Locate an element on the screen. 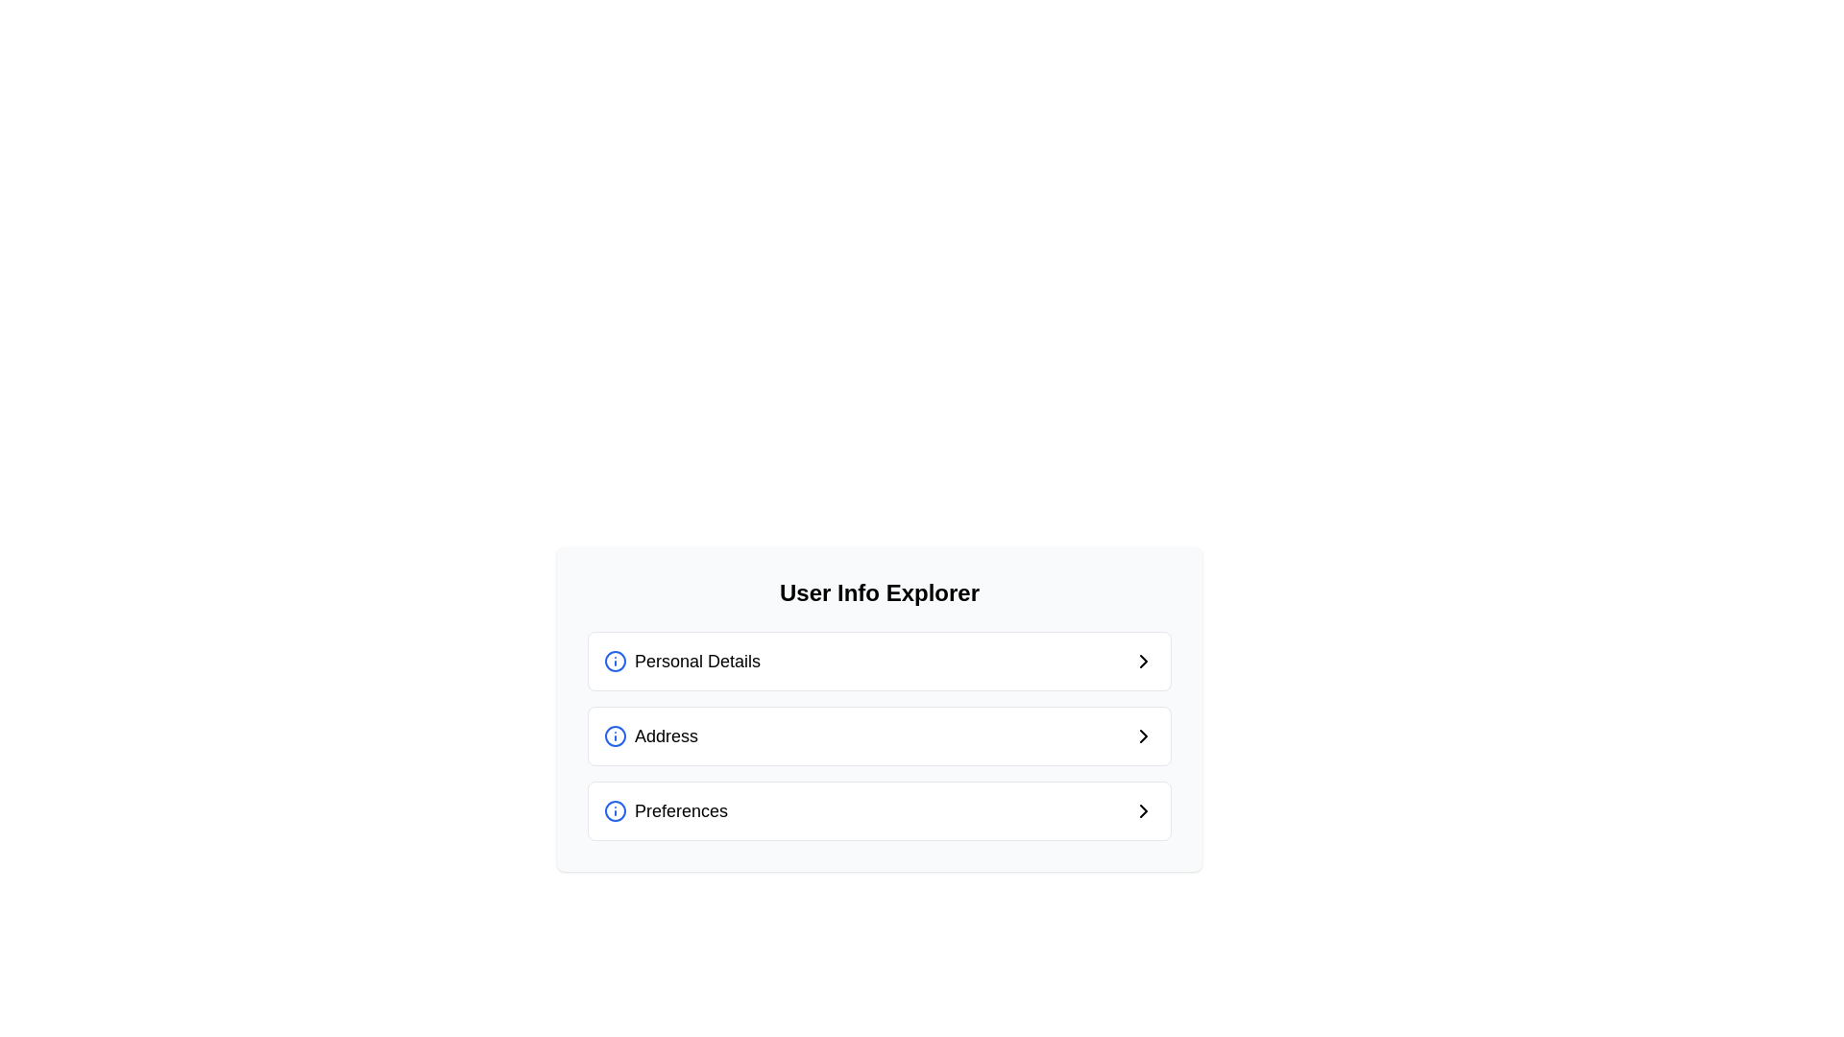  the interactive list item for 'Preferences' under the 'User Info Explorer' section is located at coordinates (879, 810).